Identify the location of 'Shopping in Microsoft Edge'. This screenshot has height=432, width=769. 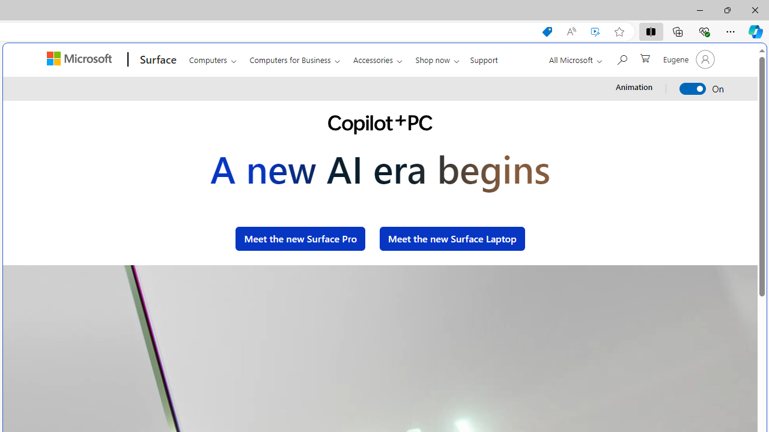
(546, 31).